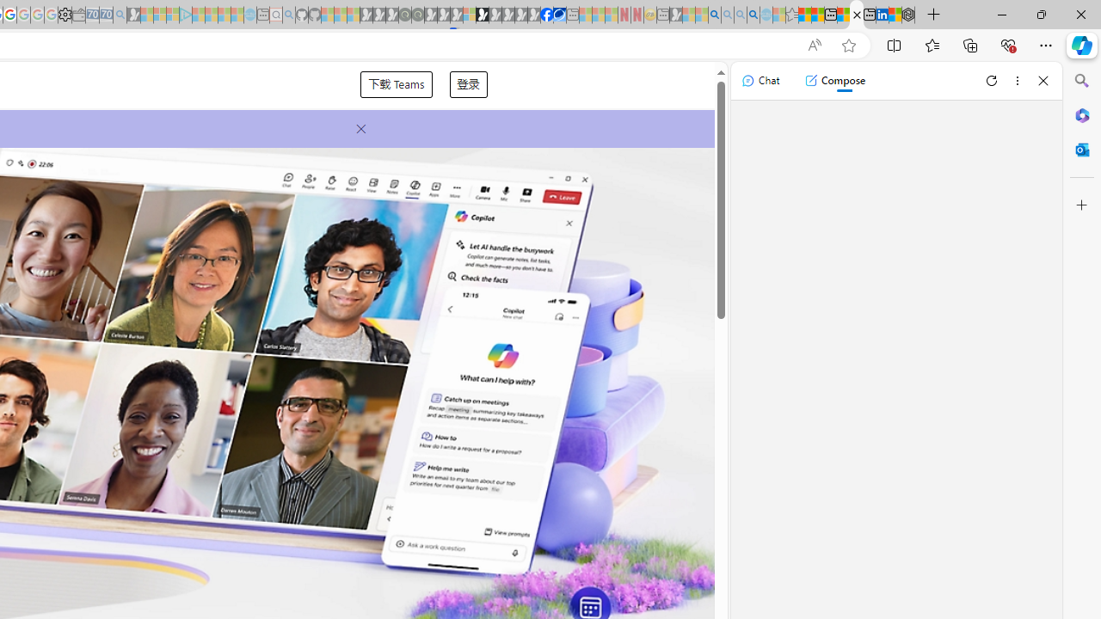 Image resolution: width=1101 pixels, height=619 pixels. Describe the element at coordinates (417, 15) in the screenshot. I see `'Future Focus Report 2024 - Sleeping'` at that location.